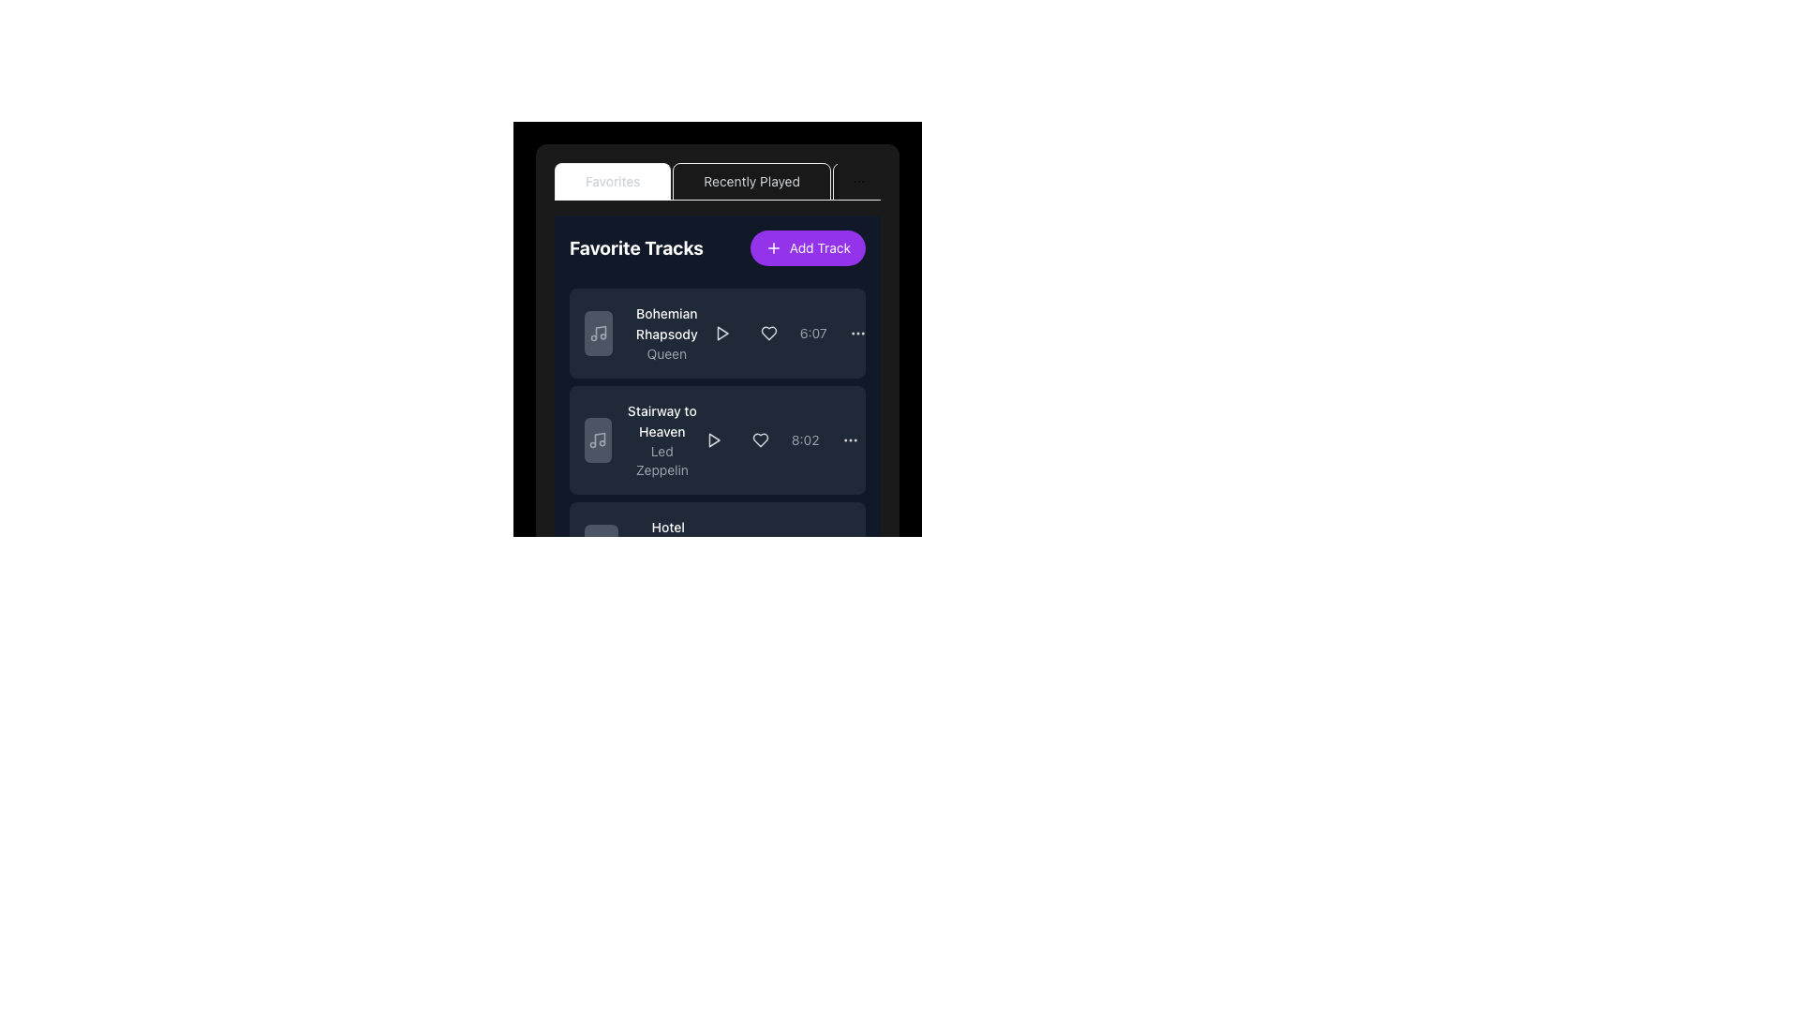 Image resolution: width=1799 pixels, height=1012 pixels. Describe the element at coordinates (751, 181) in the screenshot. I see `the second navigation tab to switch to the 'Recently Played' section` at that location.